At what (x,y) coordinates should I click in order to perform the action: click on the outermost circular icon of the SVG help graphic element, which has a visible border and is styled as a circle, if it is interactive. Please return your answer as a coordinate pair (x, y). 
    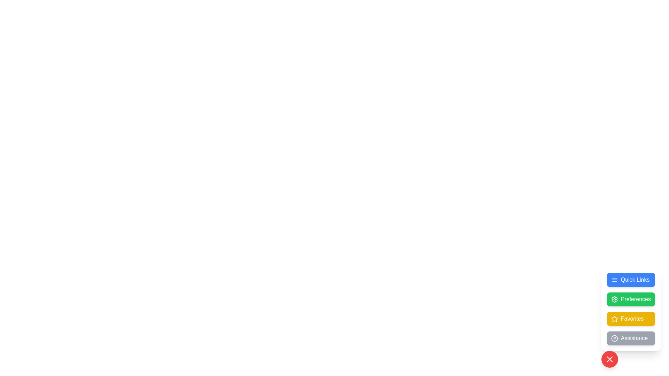
    Looking at the image, I should click on (614, 338).